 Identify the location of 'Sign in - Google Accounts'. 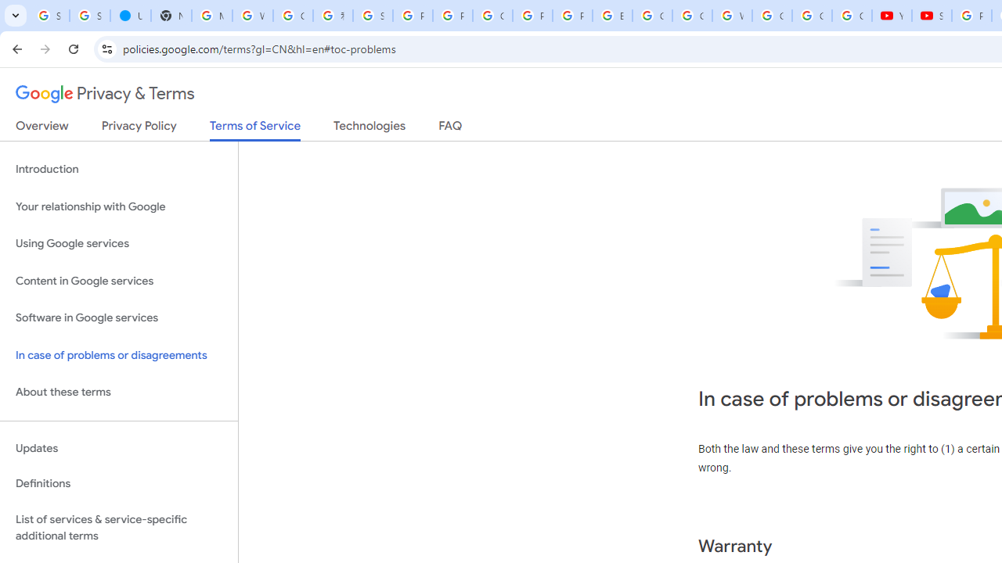
(49, 16).